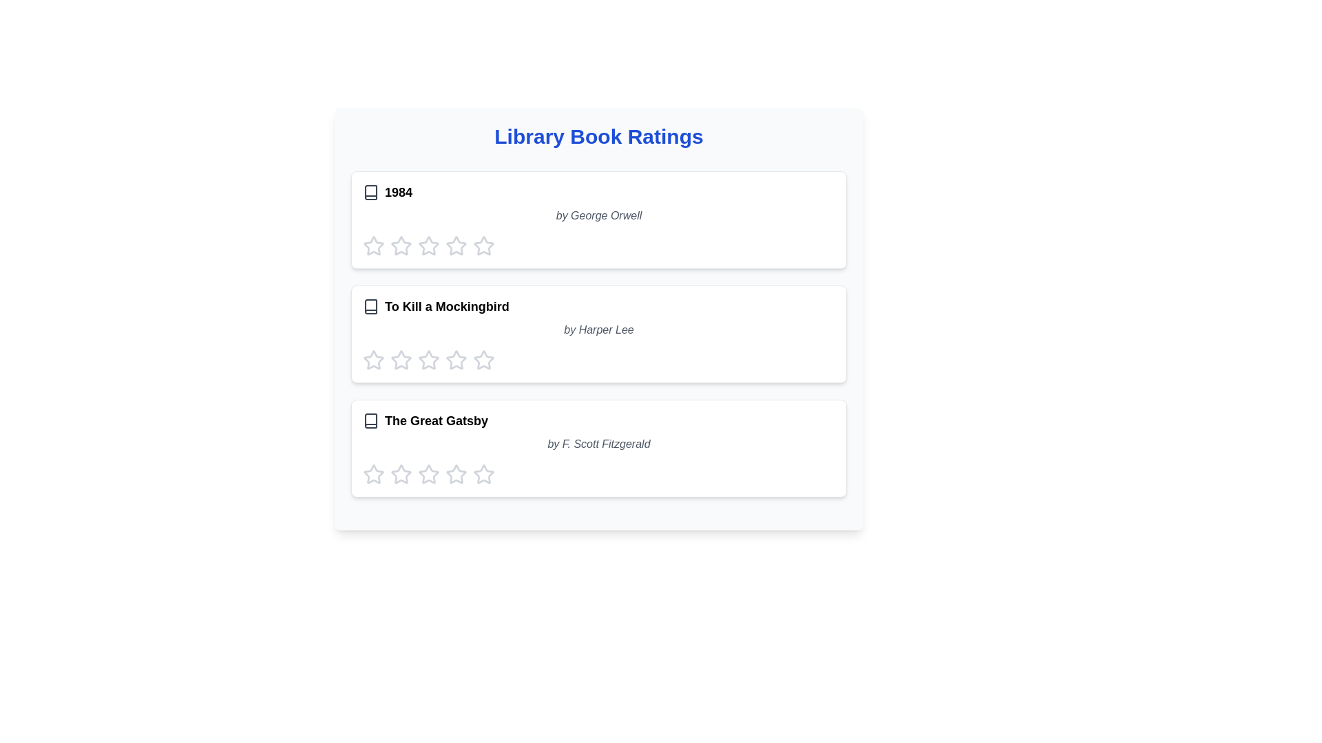 The height and width of the screenshot is (743, 1322). Describe the element at coordinates (456, 246) in the screenshot. I see `the sixth star icon in the rating row for the book '1984' by George Orwell, which is styled in a hollow outline format and has a light gray color` at that location.